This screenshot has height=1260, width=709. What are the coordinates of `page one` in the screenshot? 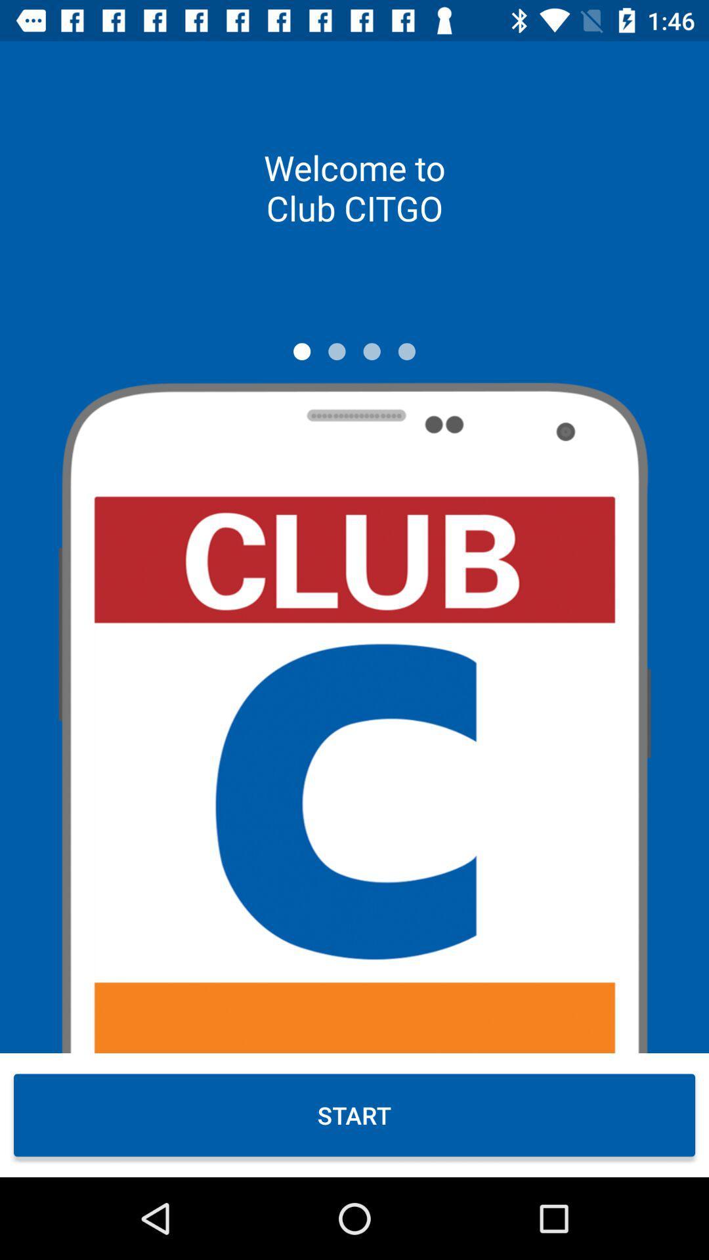 It's located at (302, 351).